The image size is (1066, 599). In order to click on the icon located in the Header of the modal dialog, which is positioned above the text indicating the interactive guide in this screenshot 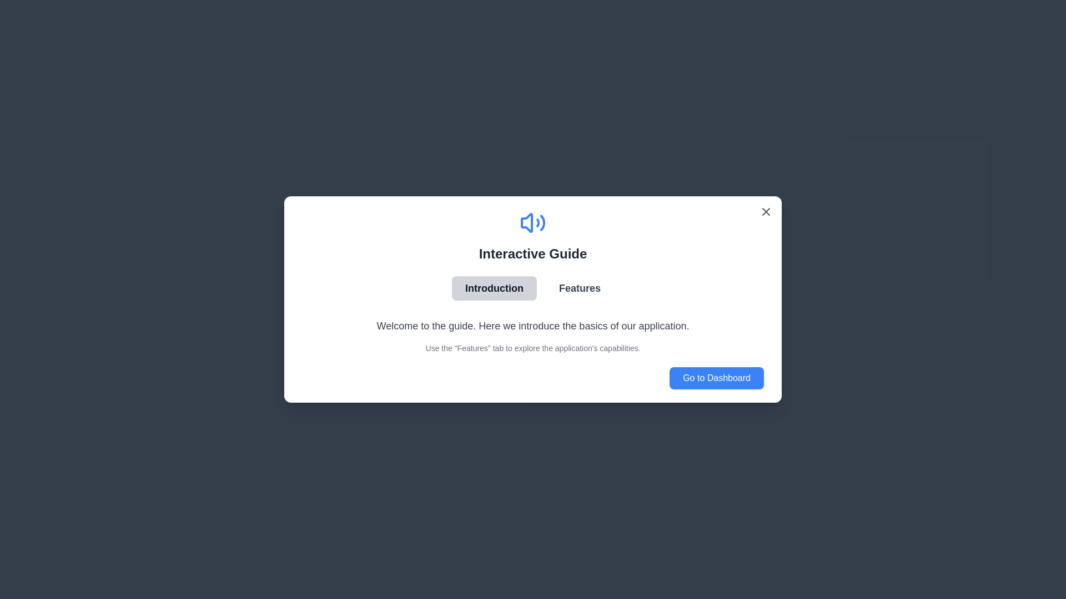, I will do `click(533, 235)`.